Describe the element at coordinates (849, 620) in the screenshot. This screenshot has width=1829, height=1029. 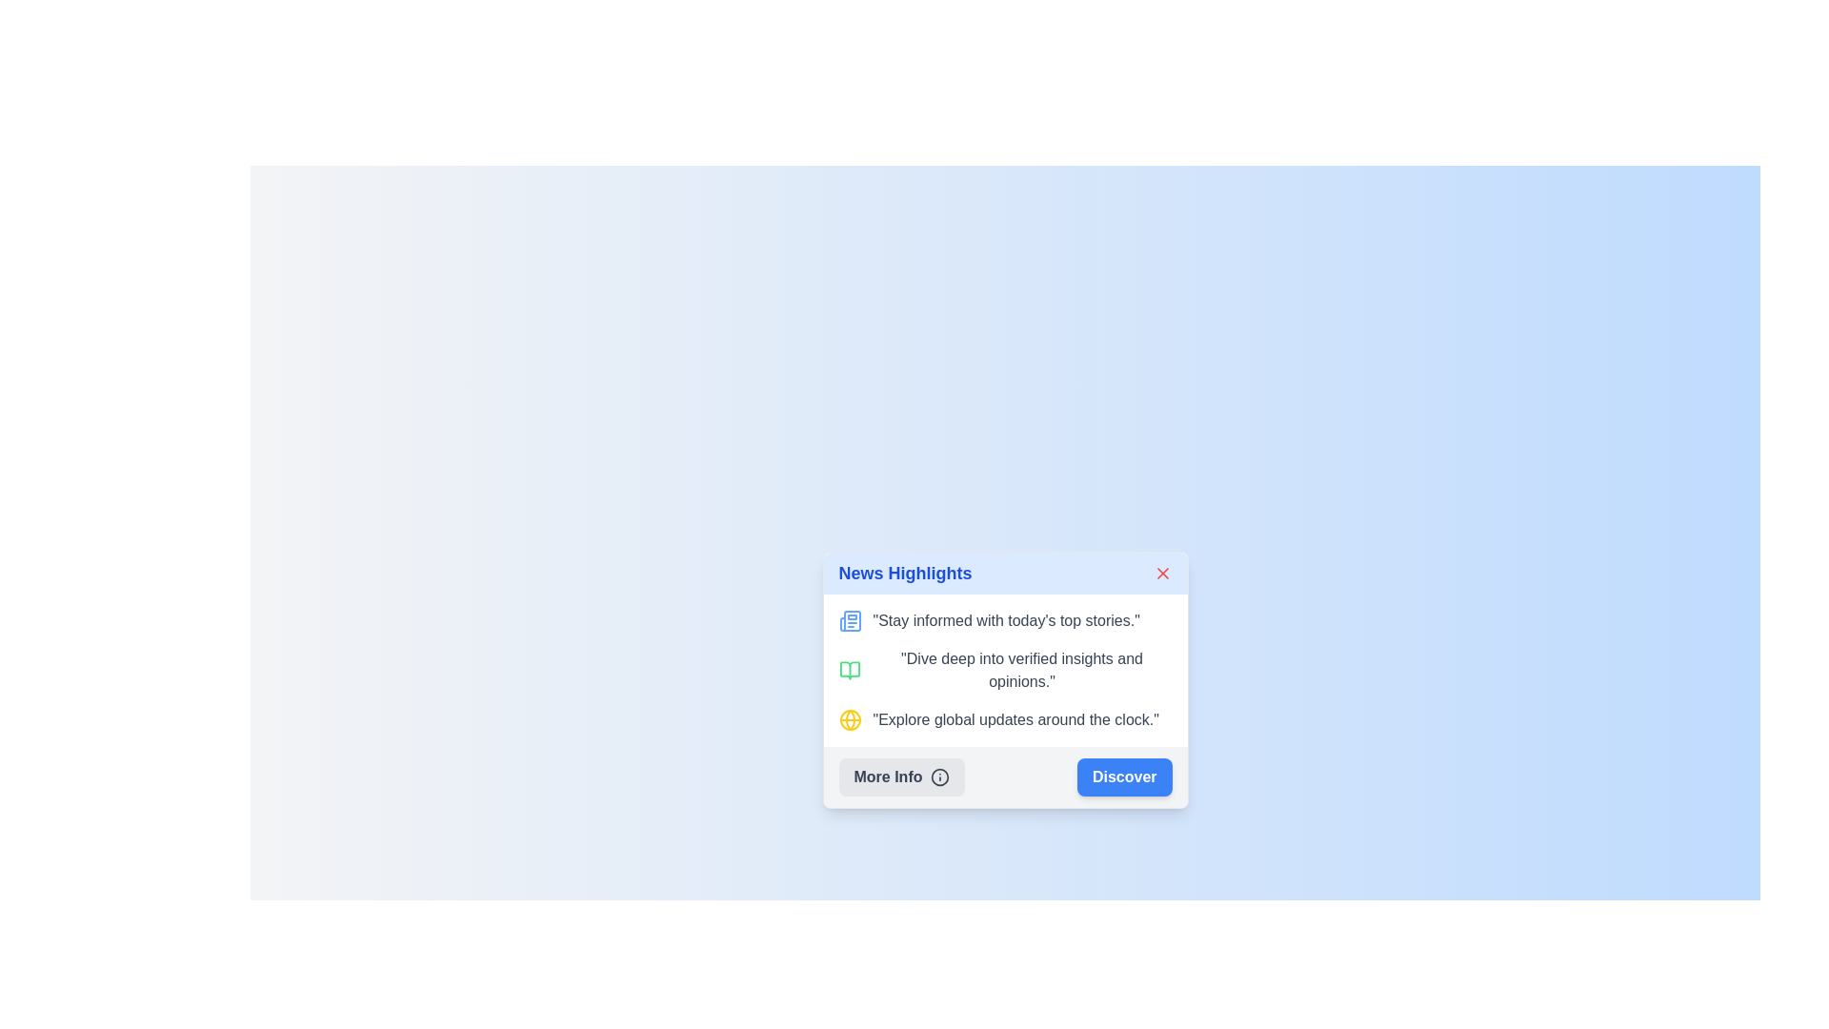
I see `the 'Stay informed with today's top stories' notification icon in the 'News Highlights' section` at that location.